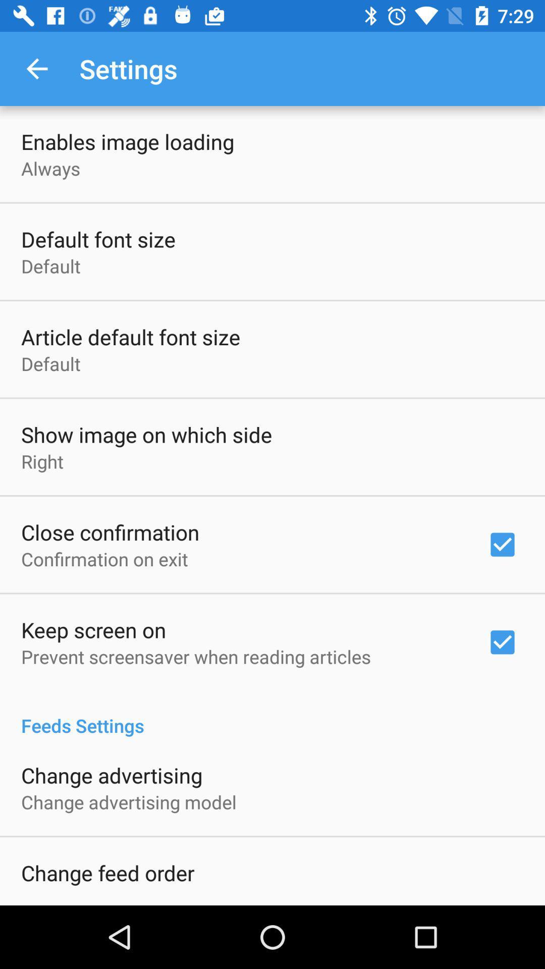 This screenshot has width=545, height=969. I want to click on change feed order, so click(107, 872).